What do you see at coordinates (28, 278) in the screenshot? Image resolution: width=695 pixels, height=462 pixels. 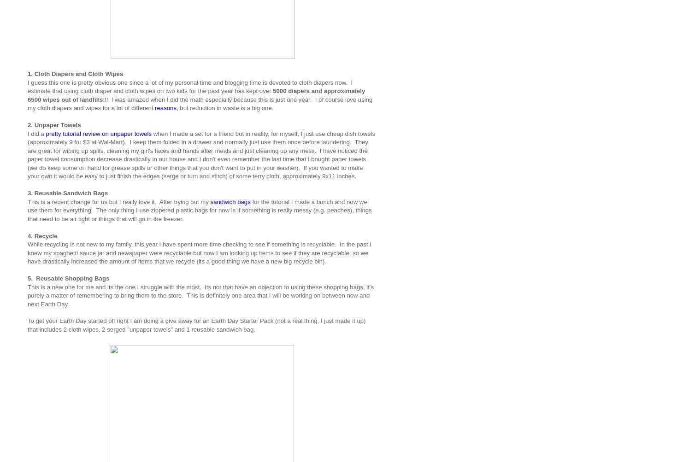 I see `'5.  Reusable Shopping Bags'` at bounding box center [28, 278].